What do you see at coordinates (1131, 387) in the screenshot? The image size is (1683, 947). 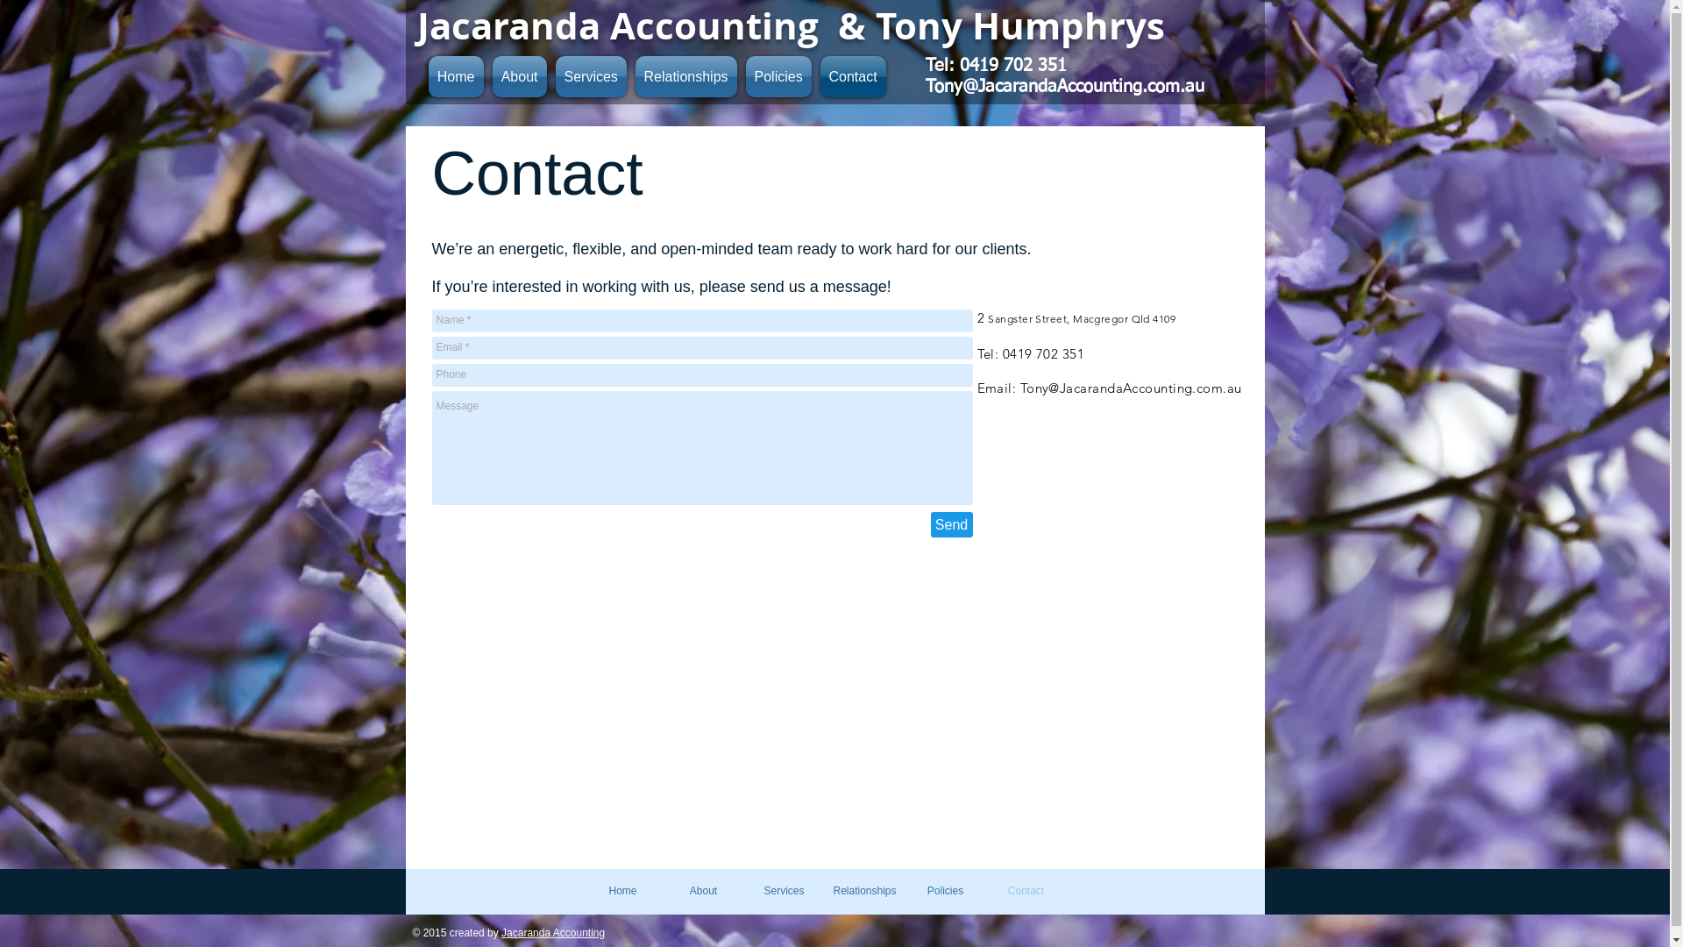 I see `'Tony@JacarandaAccounting.com.au'` at bounding box center [1131, 387].